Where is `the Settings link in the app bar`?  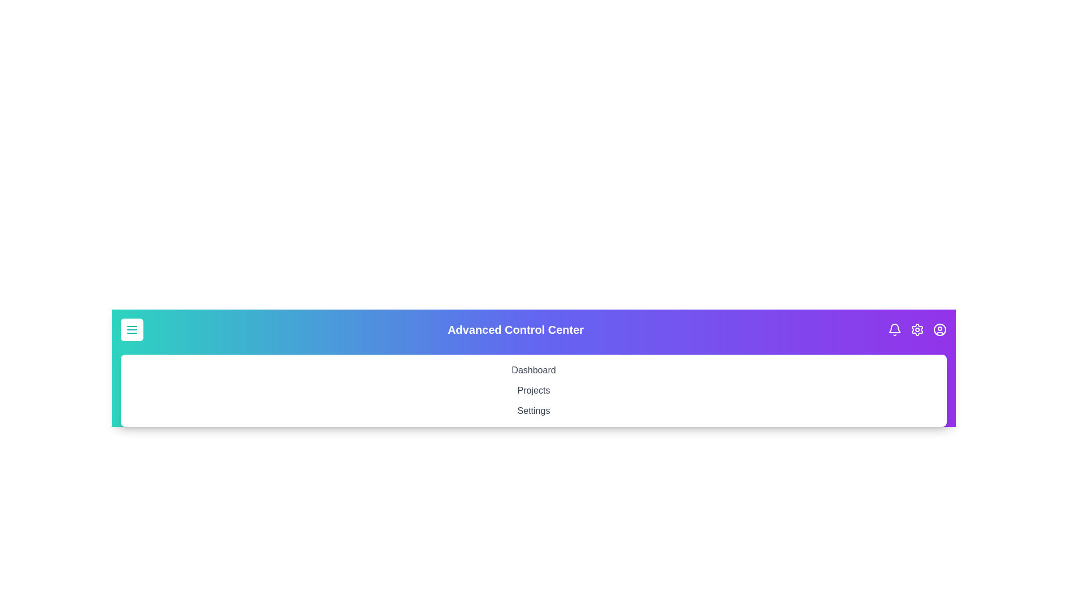
the Settings link in the app bar is located at coordinates (533, 411).